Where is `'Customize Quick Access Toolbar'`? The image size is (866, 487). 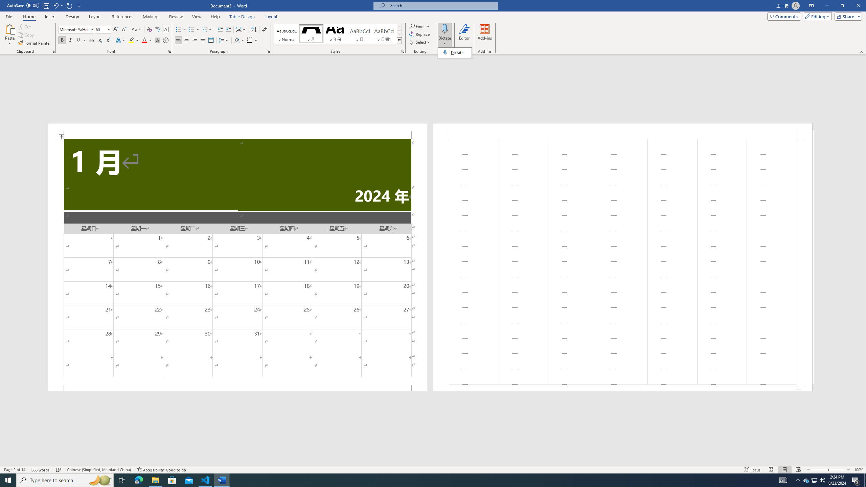 'Customize Quick Access Toolbar' is located at coordinates (79, 5).